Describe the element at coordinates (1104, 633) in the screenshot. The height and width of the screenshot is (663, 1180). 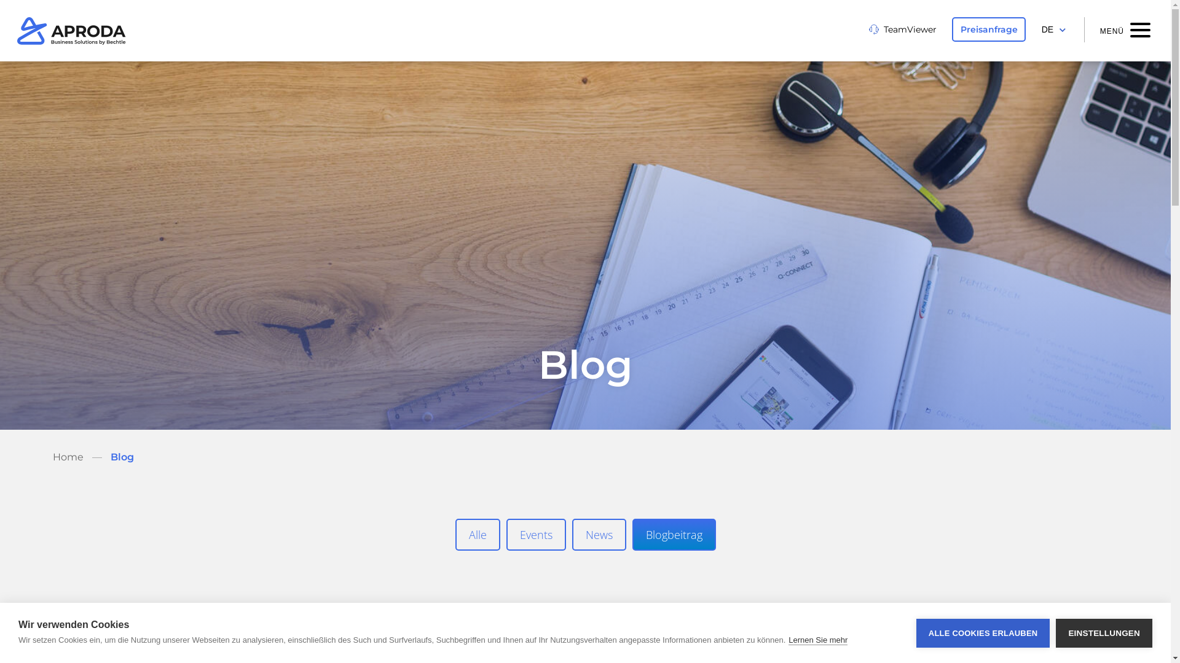
I see `'EINSTELLUNGEN'` at that location.